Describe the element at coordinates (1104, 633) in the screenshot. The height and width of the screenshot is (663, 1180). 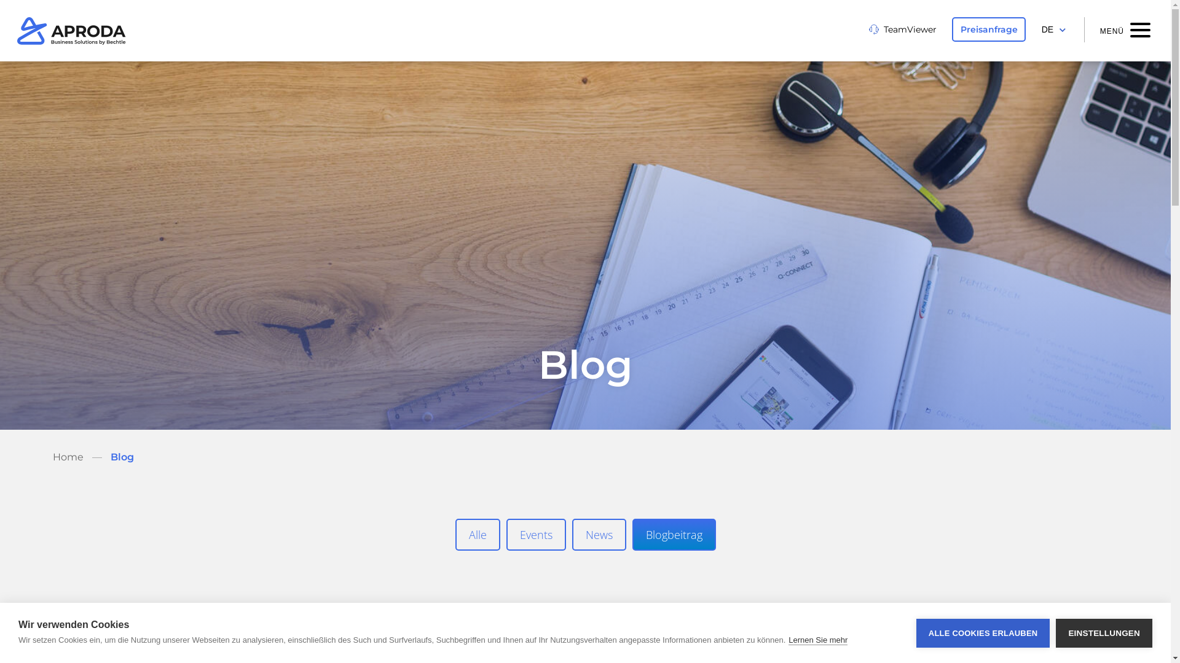
I see `'EINSTELLUNGEN'` at that location.